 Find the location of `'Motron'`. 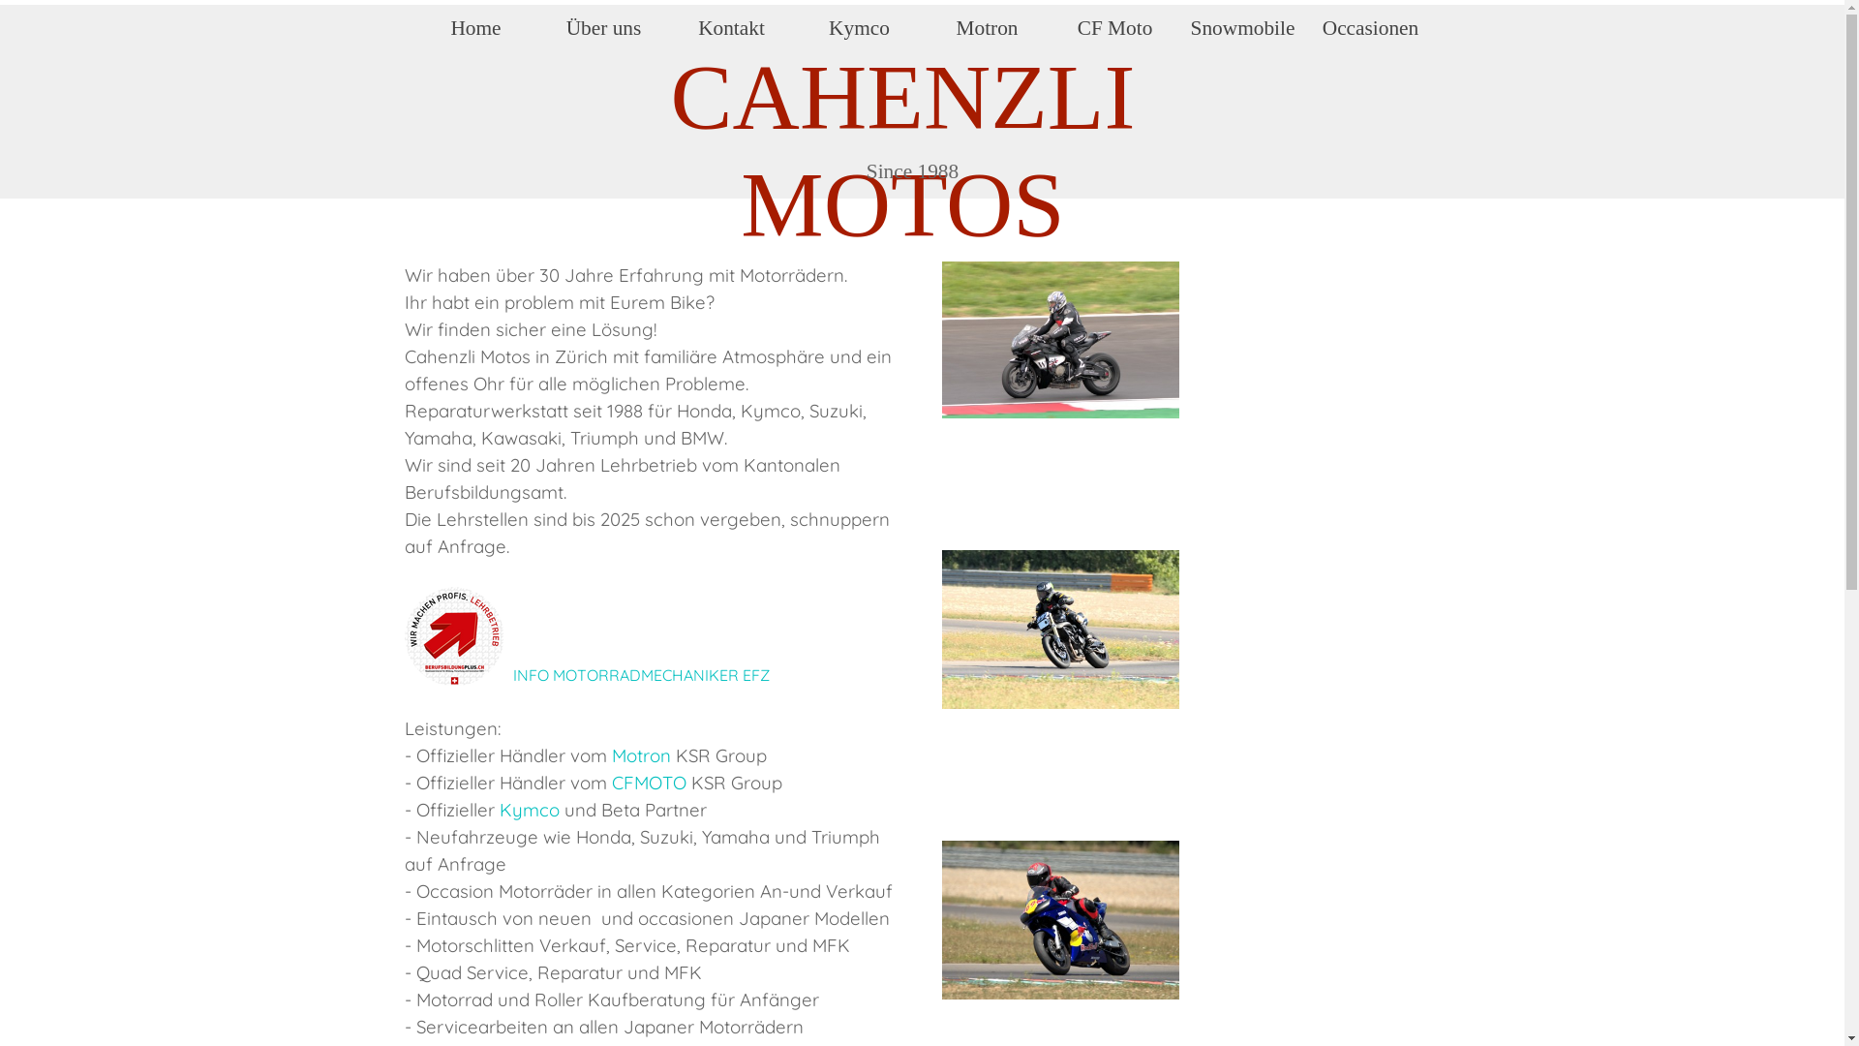

'Motron' is located at coordinates (929, 28).